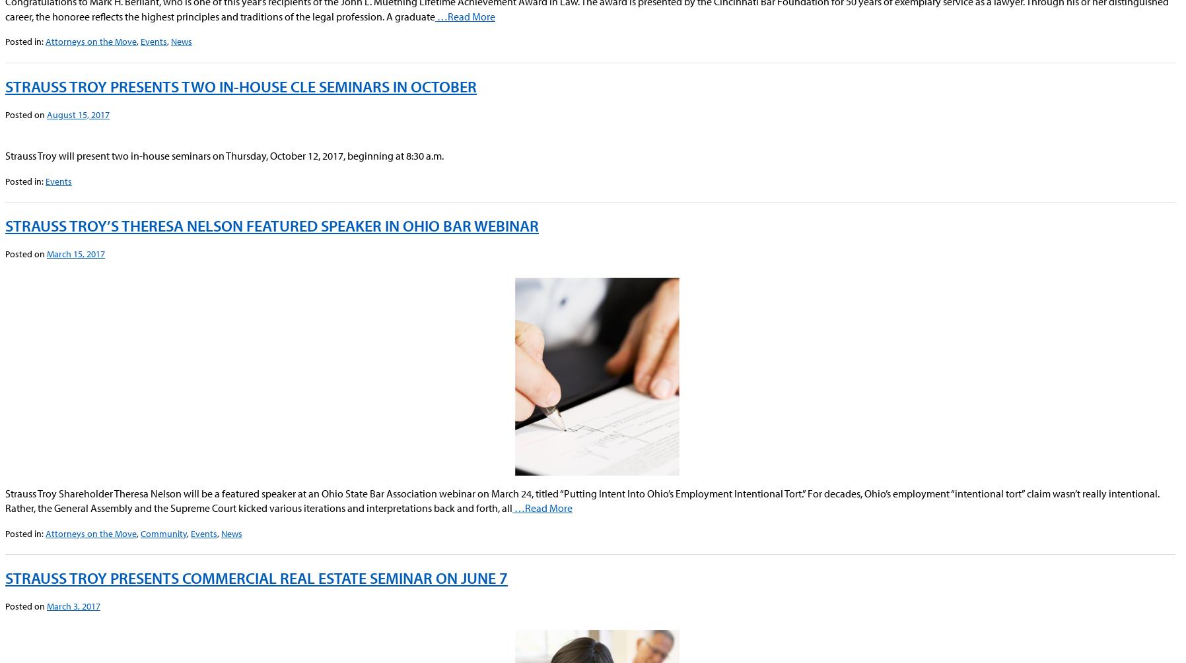  Describe the element at coordinates (75, 254) in the screenshot. I see `'March 15, 2017'` at that location.